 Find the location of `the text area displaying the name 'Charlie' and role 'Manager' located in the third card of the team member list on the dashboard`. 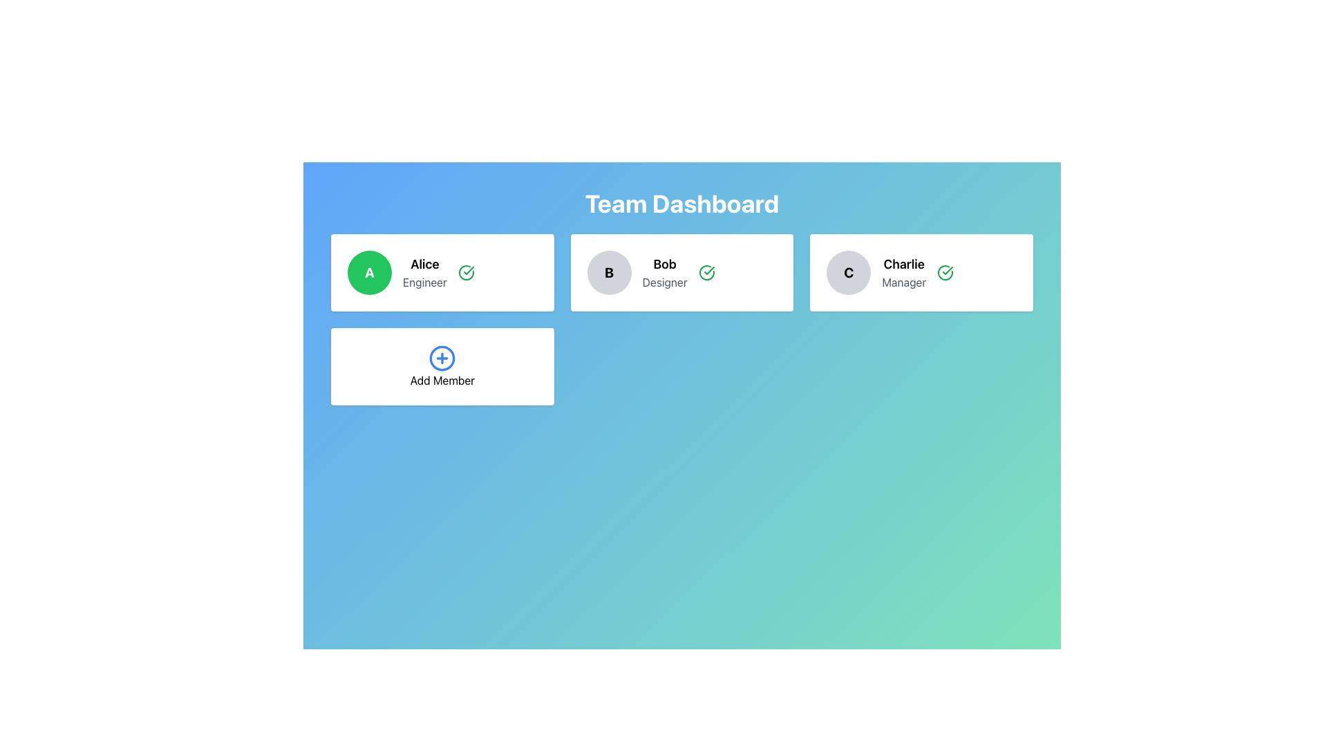

the text area displaying the name 'Charlie' and role 'Manager' located in the third card of the team member list on the dashboard is located at coordinates (904, 272).